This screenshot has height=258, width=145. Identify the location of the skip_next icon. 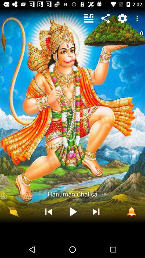
(96, 212).